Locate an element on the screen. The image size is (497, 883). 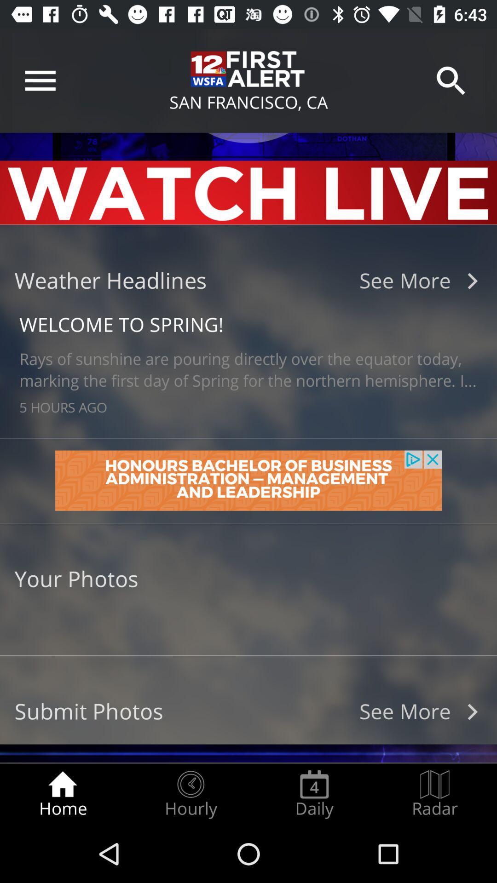
icon to the left of the radar icon is located at coordinates (314, 794).